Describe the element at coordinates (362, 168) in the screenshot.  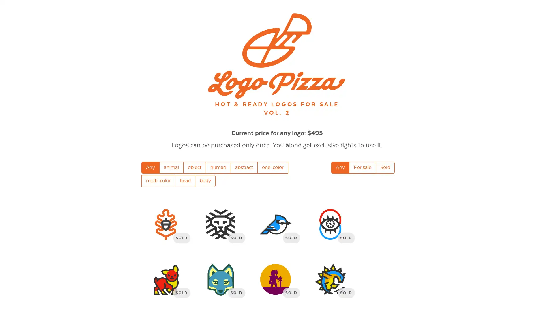
I see `For sale` at that location.